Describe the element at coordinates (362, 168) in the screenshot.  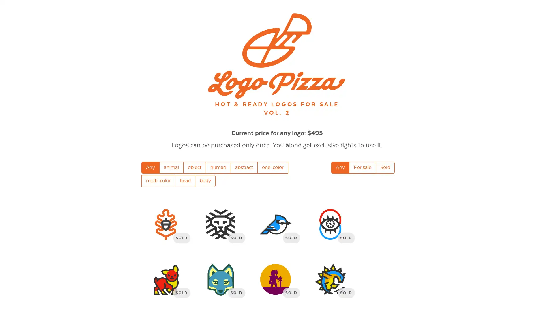
I see `For sale` at that location.